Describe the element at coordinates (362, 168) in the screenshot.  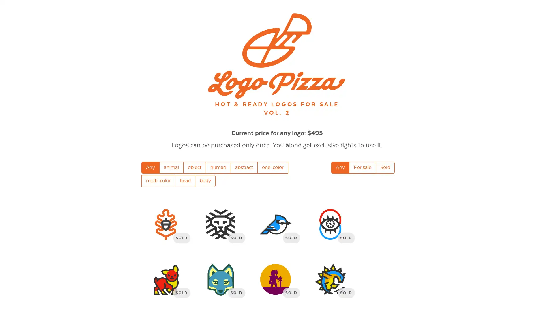
I see `For sale` at that location.